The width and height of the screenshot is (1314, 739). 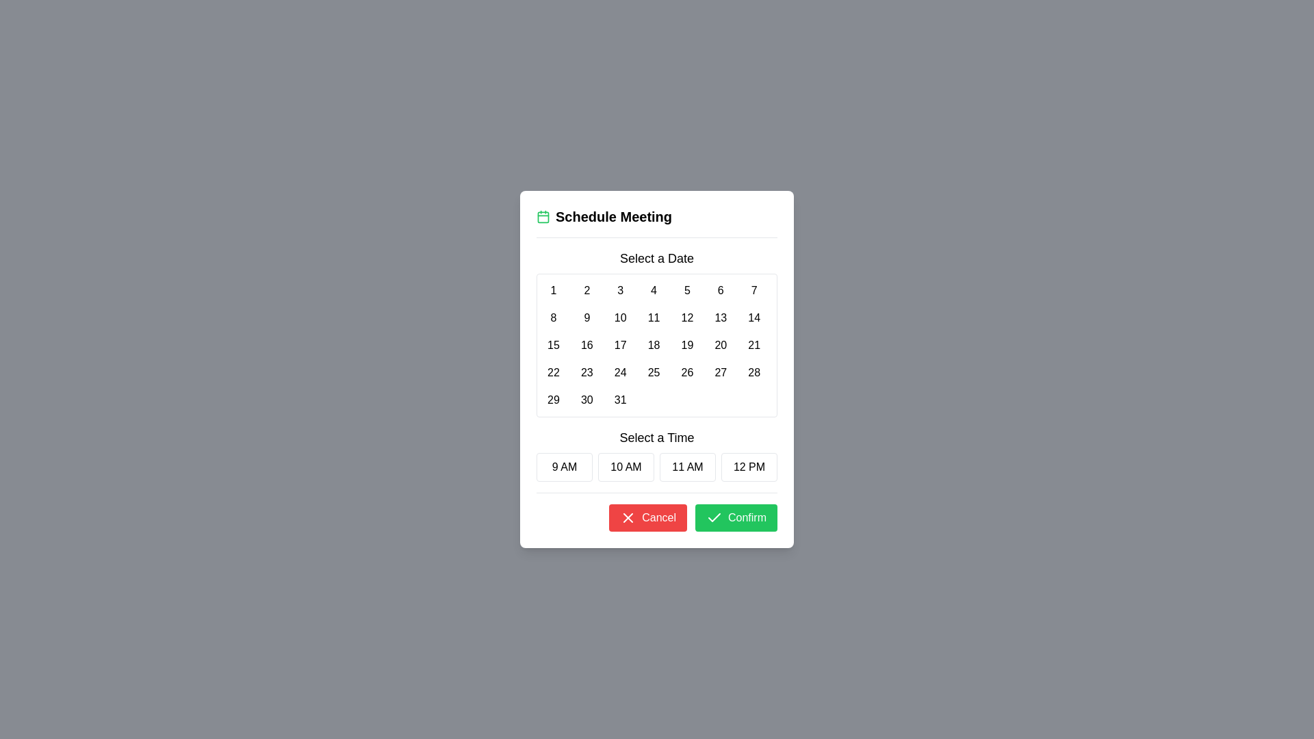 What do you see at coordinates (687, 345) in the screenshot?
I see `the date selection button displaying '19' in the calendar interface` at bounding box center [687, 345].